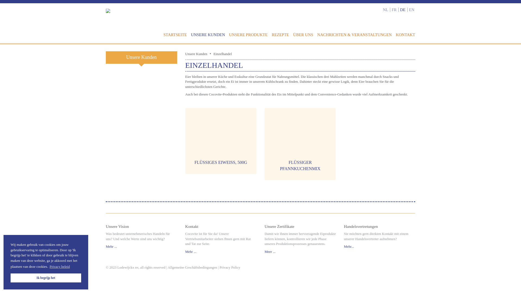 Image resolution: width=521 pixels, height=293 pixels. What do you see at coordinates (355, 34) in the screenshot?
I see `'NACHRICHTEN & VERANSTALTUNGEN'` at bounding box center [355, 34].